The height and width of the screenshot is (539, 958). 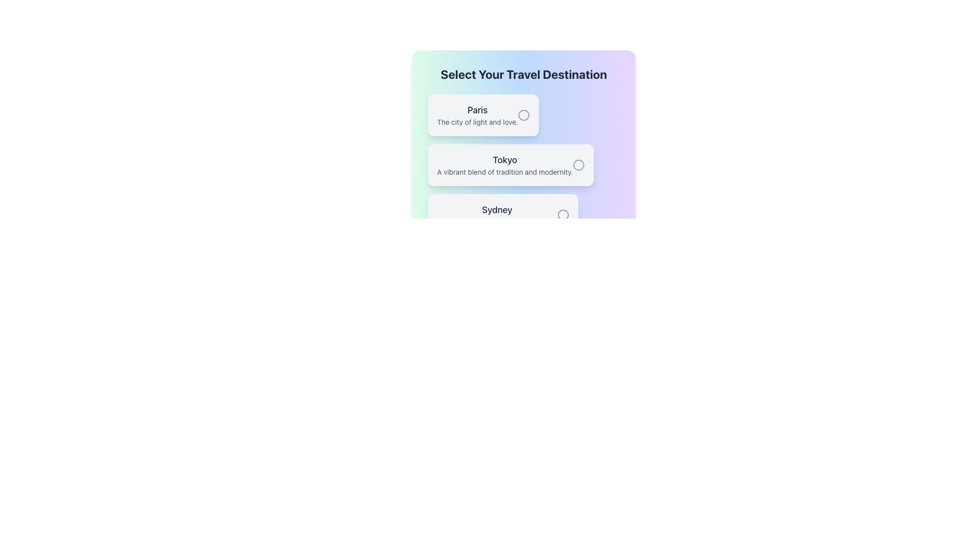 I want to click on the text content of the label displaying 'Tokyo' with a description about its vibrant culture, positioned under 'Select Your Travel Destination' as the second option, so click(x=505, y=165).